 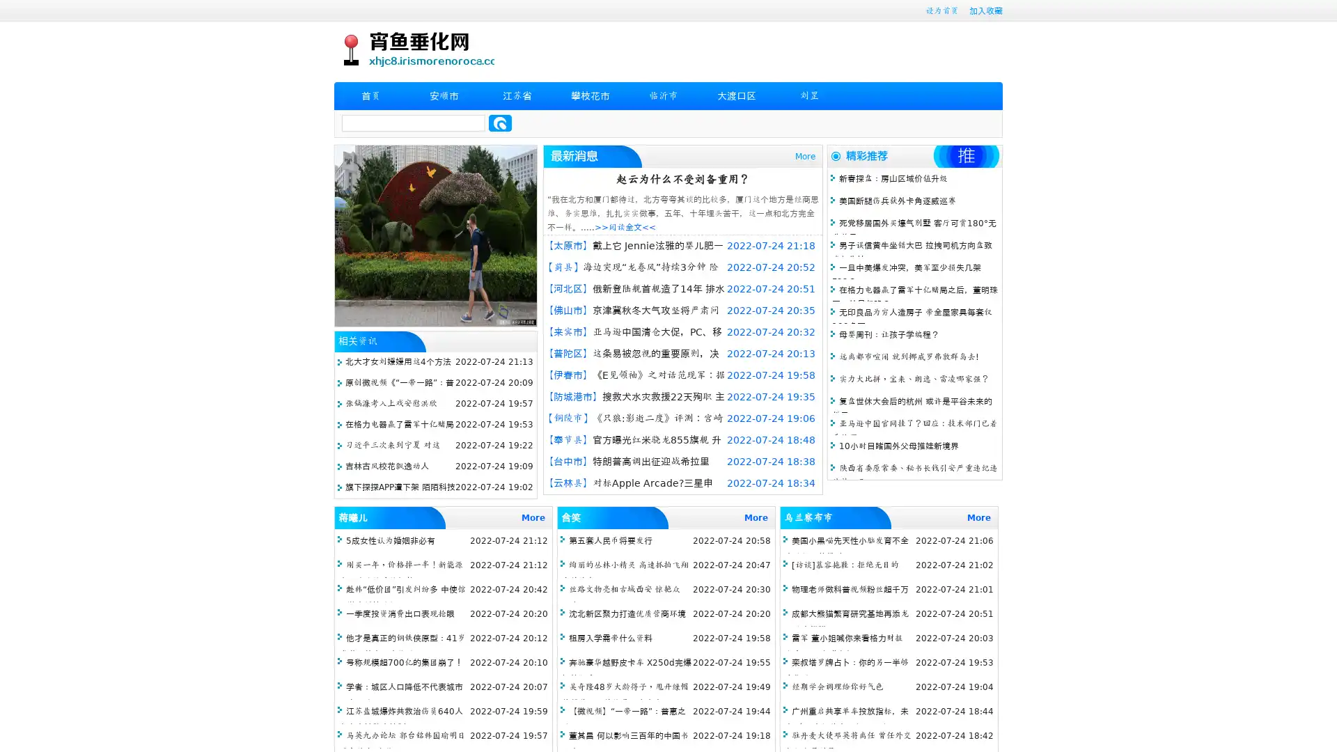 What do you see at coordinates (500, 123) in the screenshot?
I see `Search` at bounding box center [500, 123].